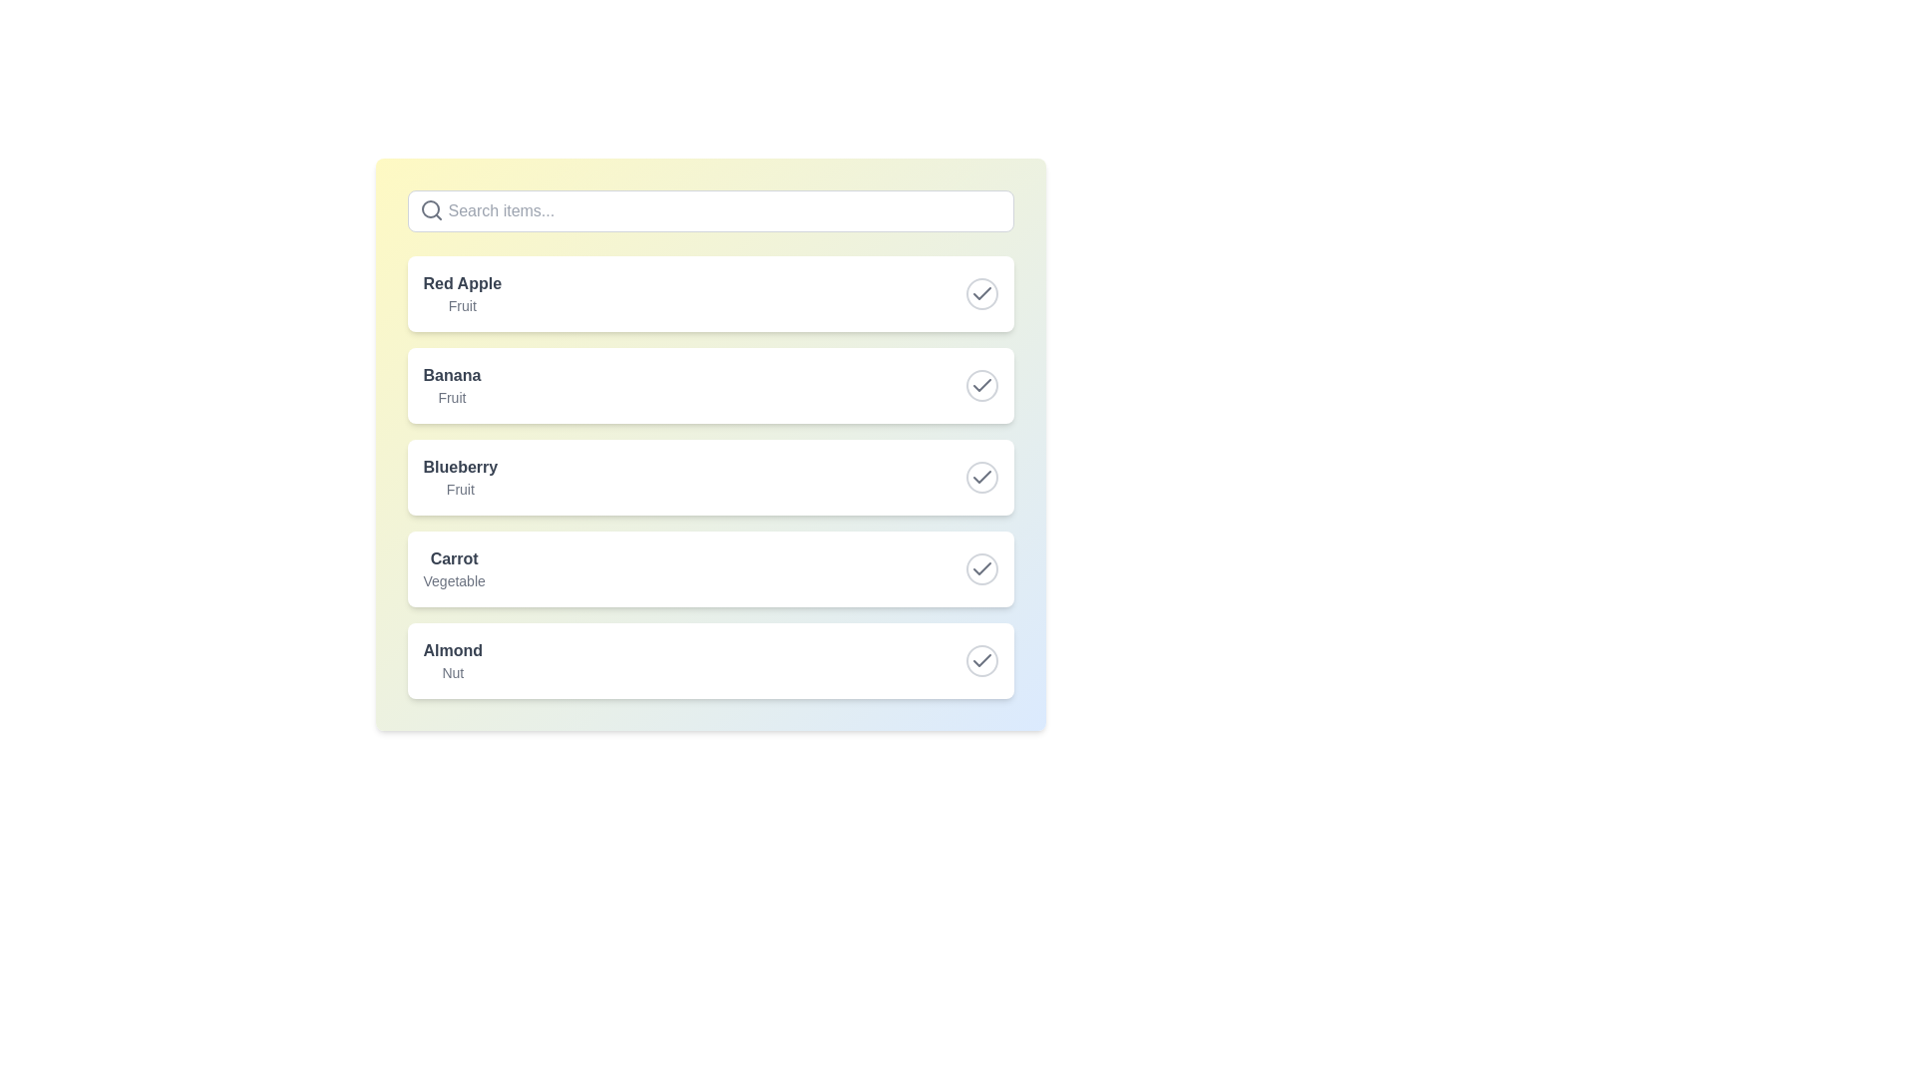 The height and width of the screenshot is (1077, 1915). What do you see at coordinates (710, 477) in the screenshot?
I see `the third Content card in the vertically stacked list` at bounding box center [710, 477].